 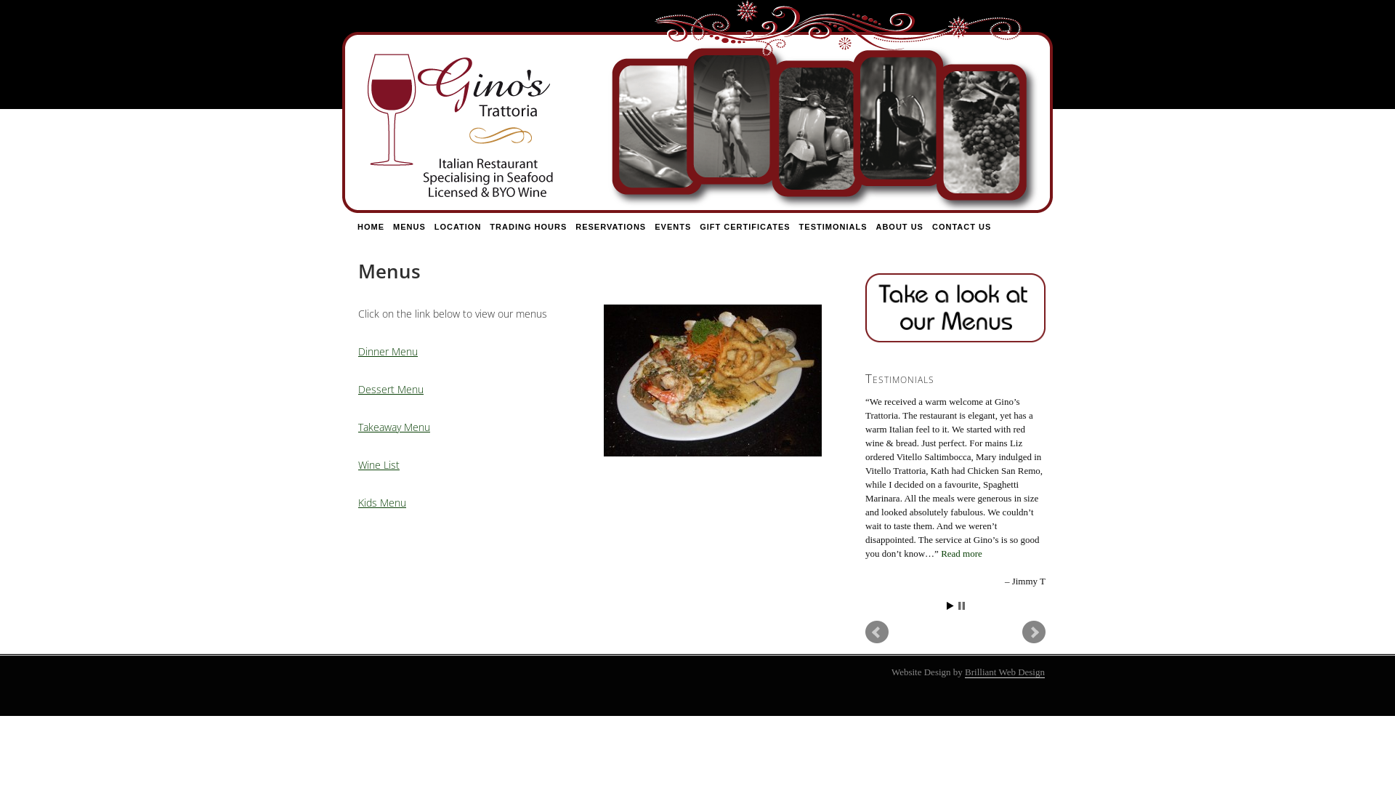 I want to click on 'Dessert Menu', so click(x=390, y=388).